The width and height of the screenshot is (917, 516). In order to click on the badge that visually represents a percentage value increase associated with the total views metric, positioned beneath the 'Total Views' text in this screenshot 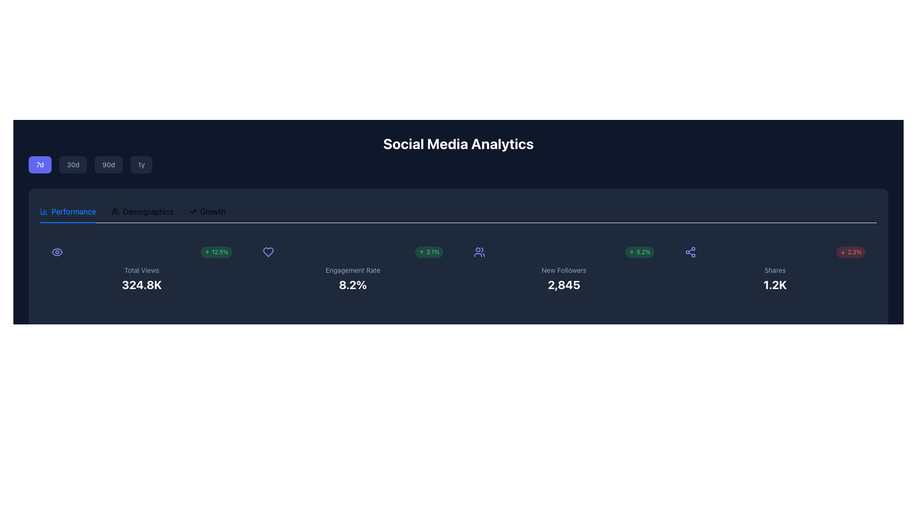, I will do `click(215, 252)`.